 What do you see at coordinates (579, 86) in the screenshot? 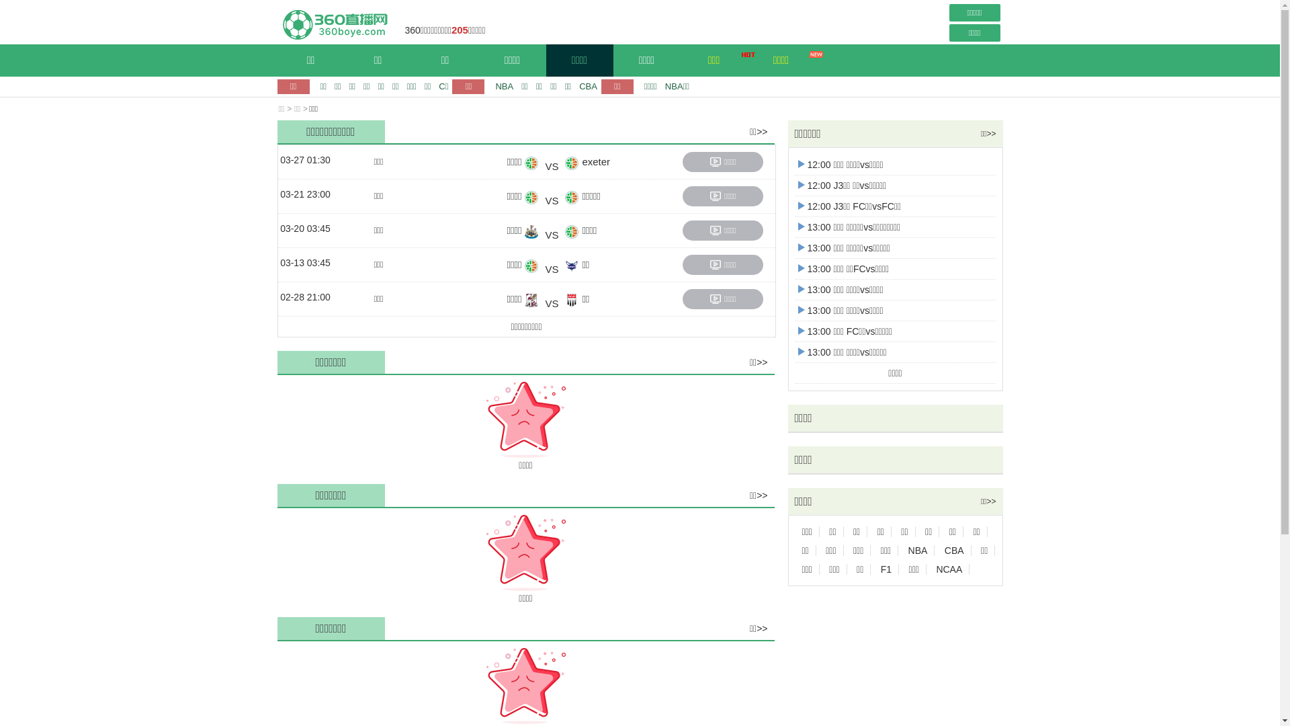
I see `'CBA'` at bounding box center [579, 86].